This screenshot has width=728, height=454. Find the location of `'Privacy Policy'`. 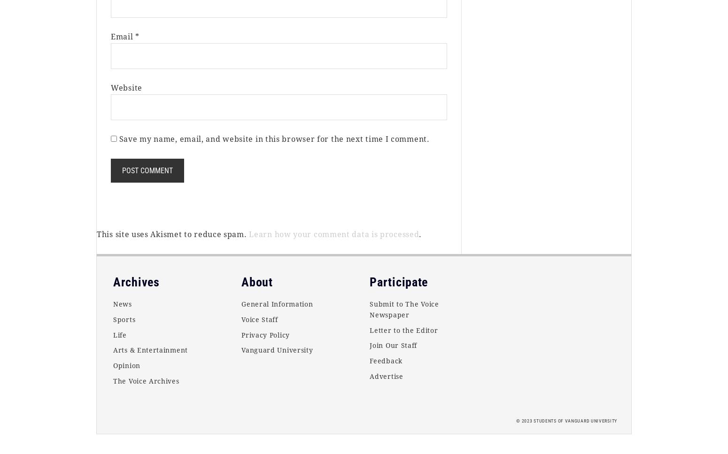

'Privacy Policy' is located at coordinates (265, 334).